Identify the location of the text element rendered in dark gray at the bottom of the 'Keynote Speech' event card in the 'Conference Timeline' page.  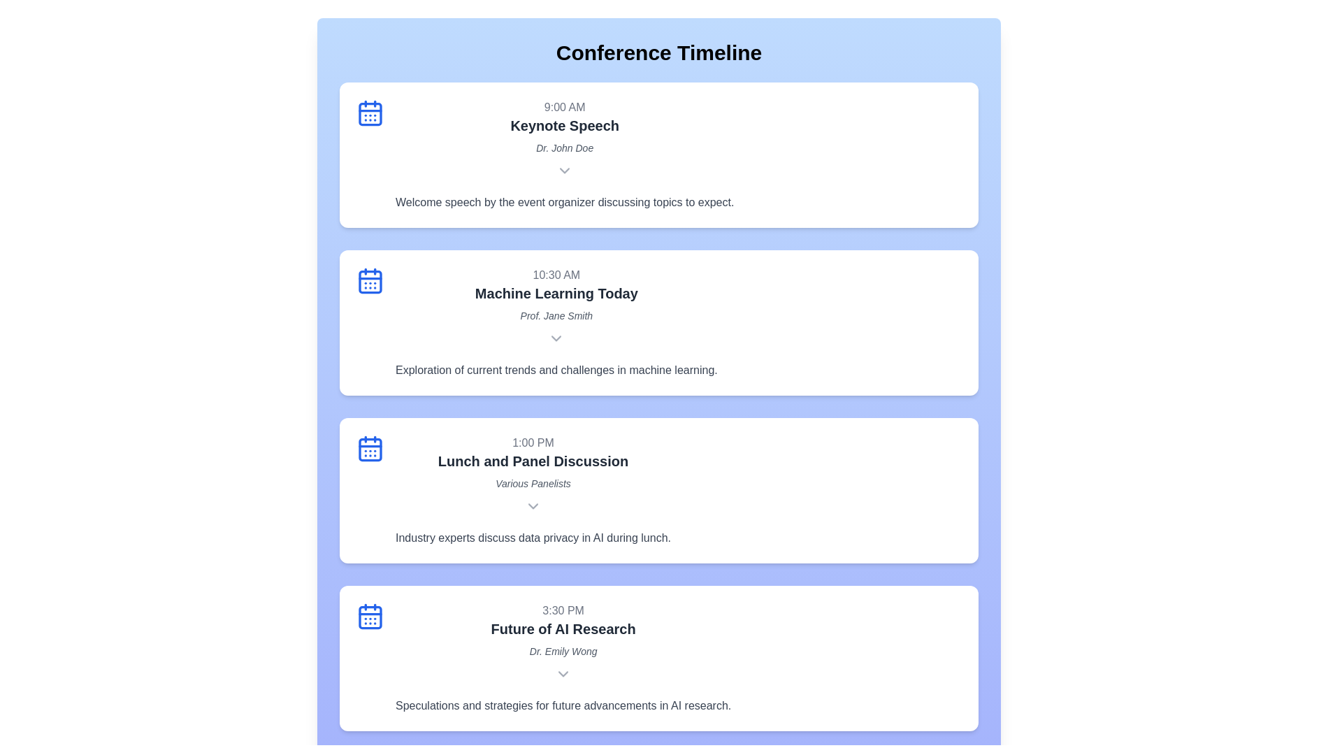
(565, 202).